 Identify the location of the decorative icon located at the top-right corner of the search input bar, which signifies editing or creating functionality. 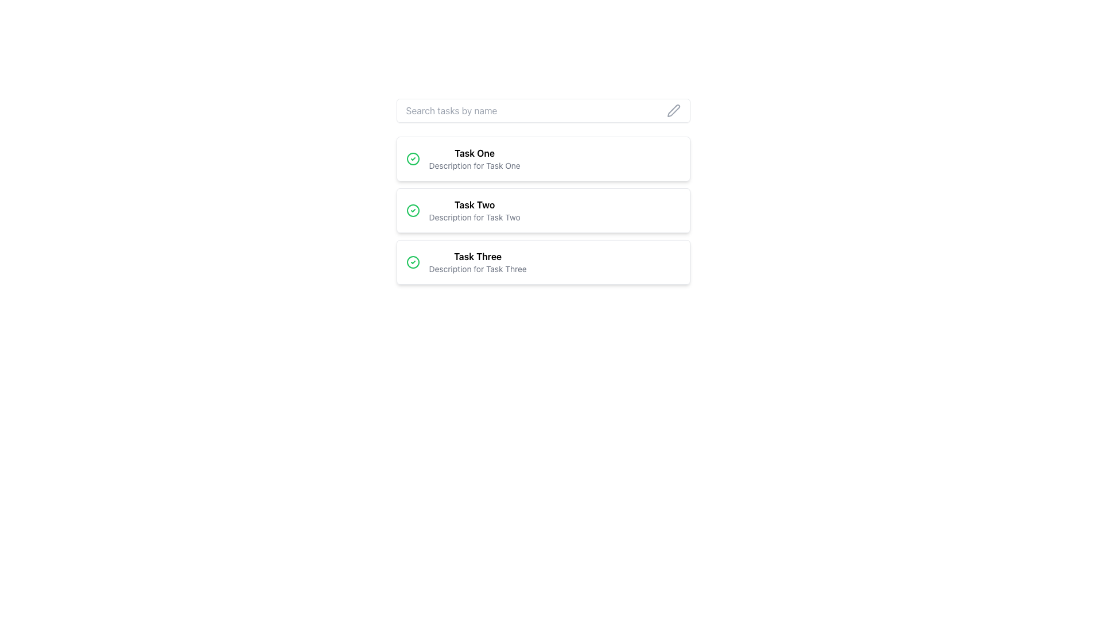
(673, 110).